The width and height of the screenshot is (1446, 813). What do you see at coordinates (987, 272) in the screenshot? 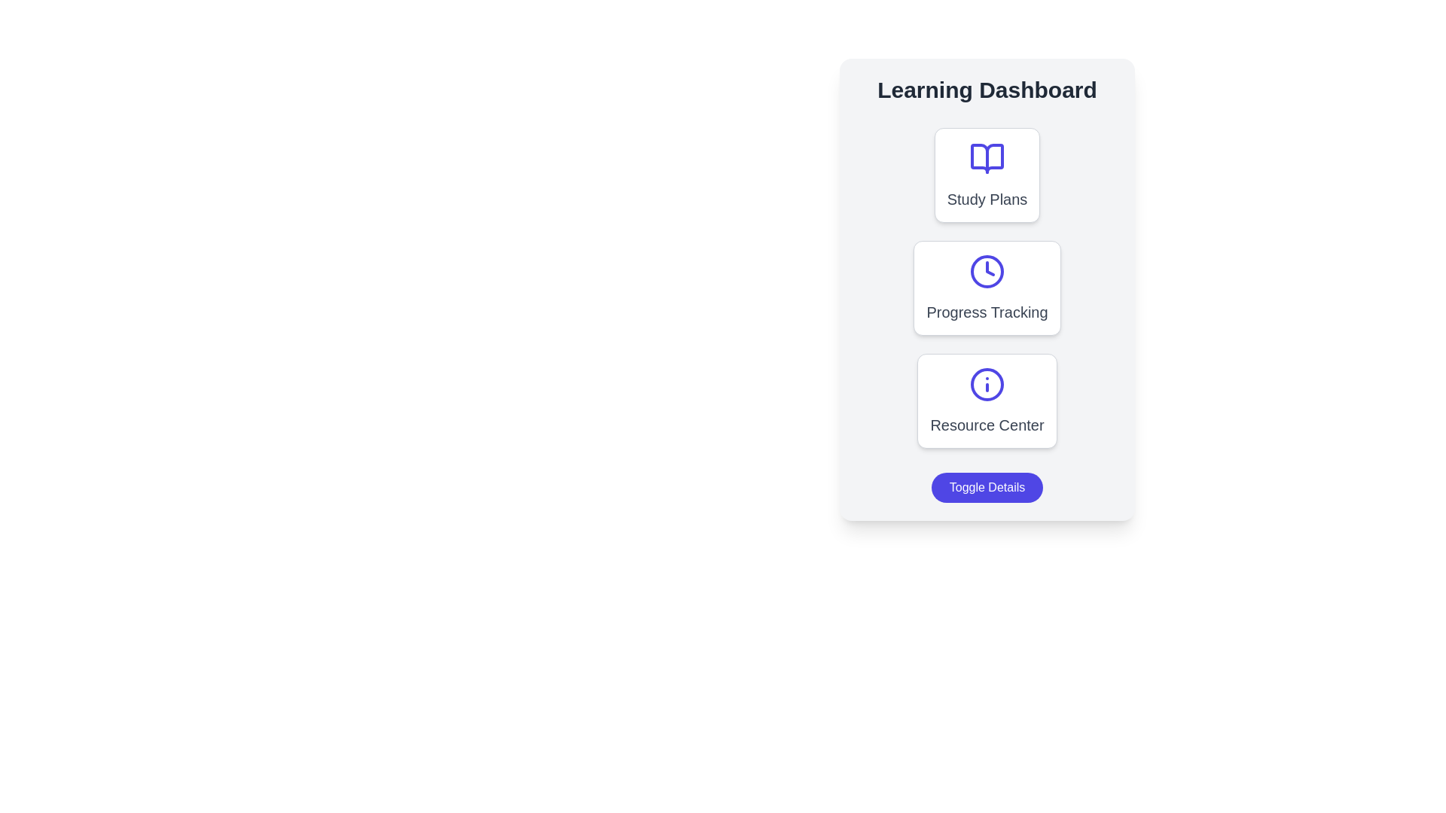
I see `the SVG Circle that serves as the clock boundary in the 'Progress Tracking' icon located in the middle card under the 'Learning Dashboard' heading` at bounding box center [987, 272].